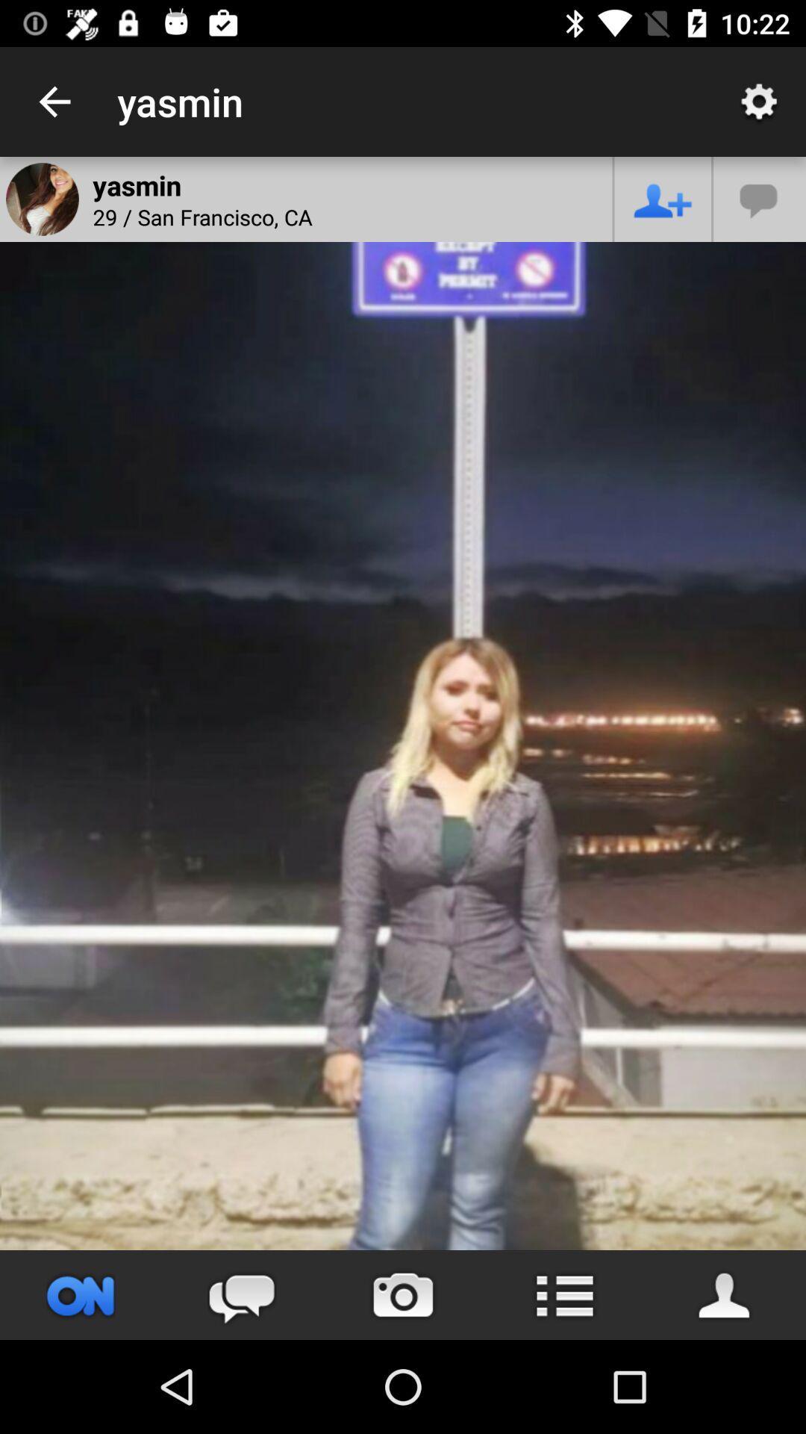 The width and height of the screenshot is (806, 1434). I want to click on the app next to yasmin icon, so click(54, 101).